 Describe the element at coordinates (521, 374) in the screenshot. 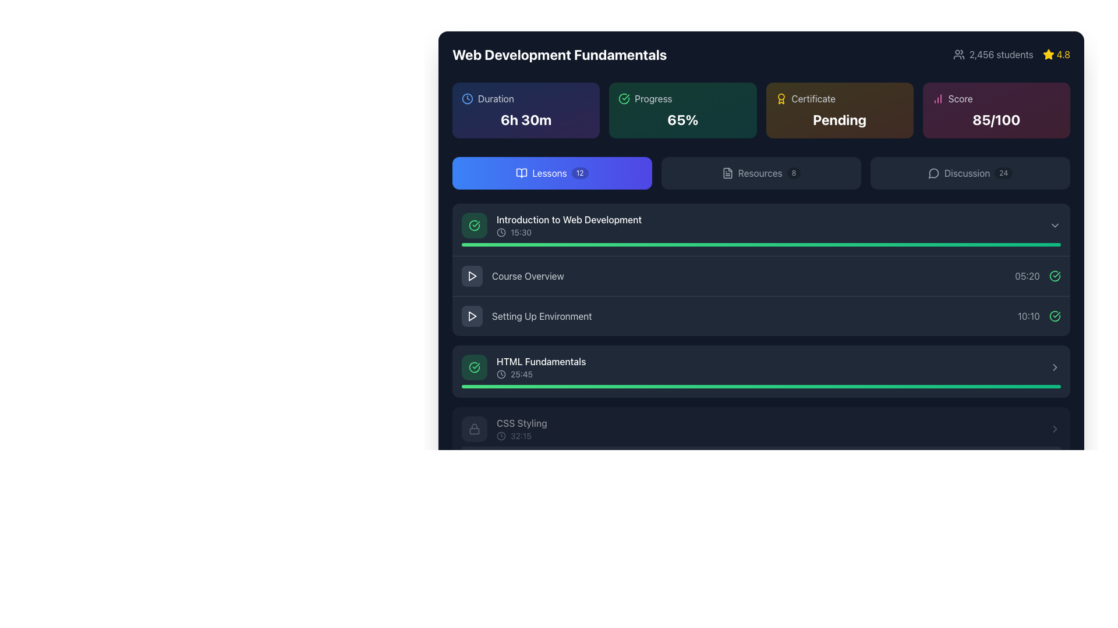

I see `the text label that indicates the duration of the 'HTML Fundamentals' lesson, located to the right of the clock icon in the bottom section of the lesson item` at that location.